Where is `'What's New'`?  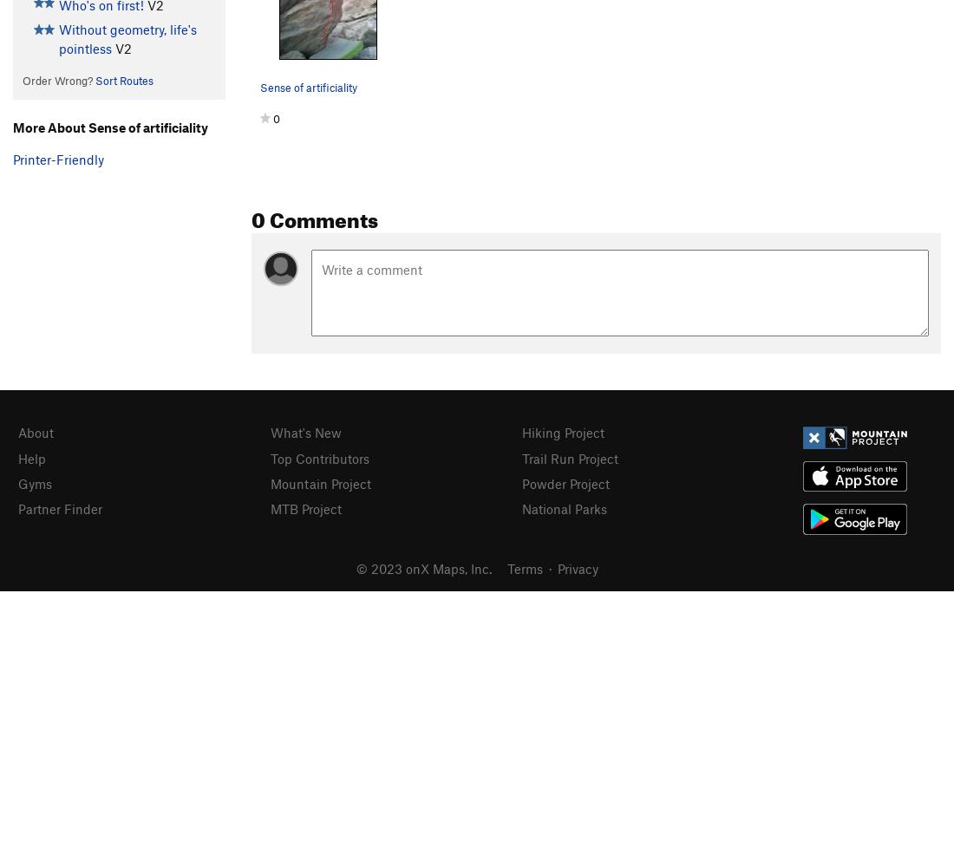 'What's New' is located at coordinates (305, 432).